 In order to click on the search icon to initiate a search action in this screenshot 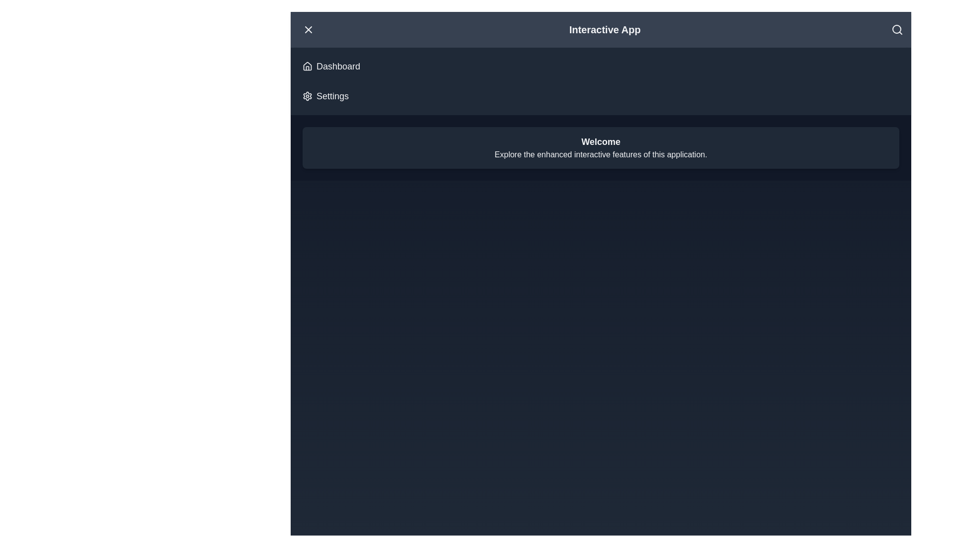, I will do `click(897, 29)`.